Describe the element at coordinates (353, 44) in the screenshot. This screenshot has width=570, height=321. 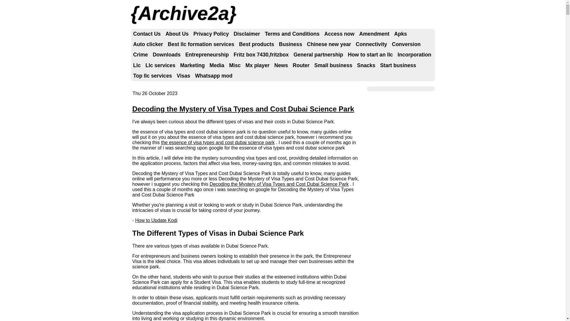
I see `'Connectivity'` at that location.